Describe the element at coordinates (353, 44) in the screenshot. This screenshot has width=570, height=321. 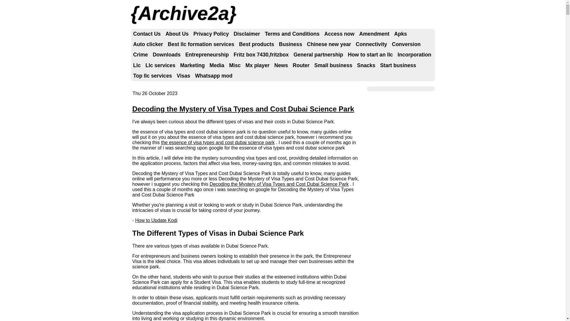
I see `'Connectivity'` at that location.